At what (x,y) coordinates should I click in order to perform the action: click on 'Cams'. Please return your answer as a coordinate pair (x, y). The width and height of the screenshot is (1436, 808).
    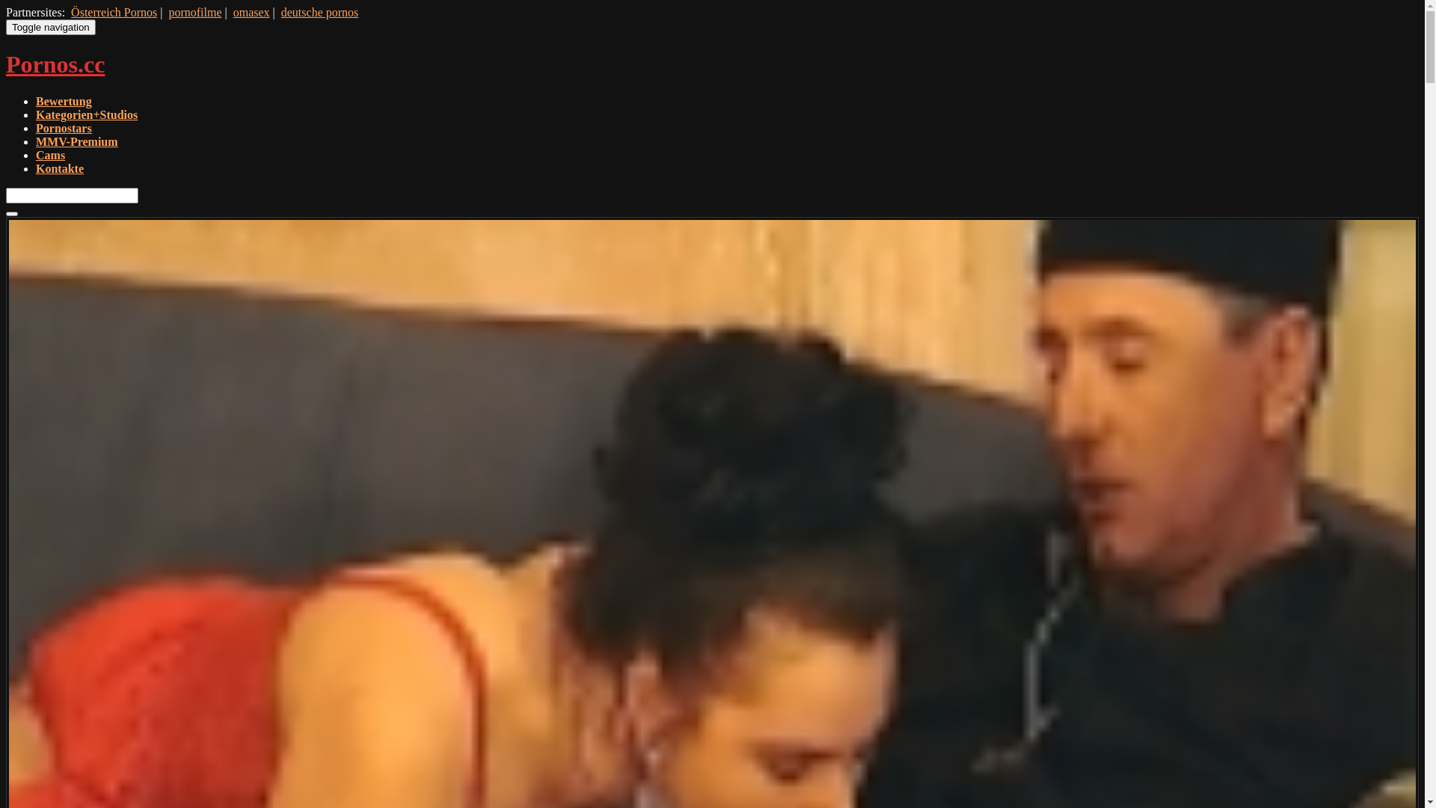
    Looking at the image, I should click on (50, 155).